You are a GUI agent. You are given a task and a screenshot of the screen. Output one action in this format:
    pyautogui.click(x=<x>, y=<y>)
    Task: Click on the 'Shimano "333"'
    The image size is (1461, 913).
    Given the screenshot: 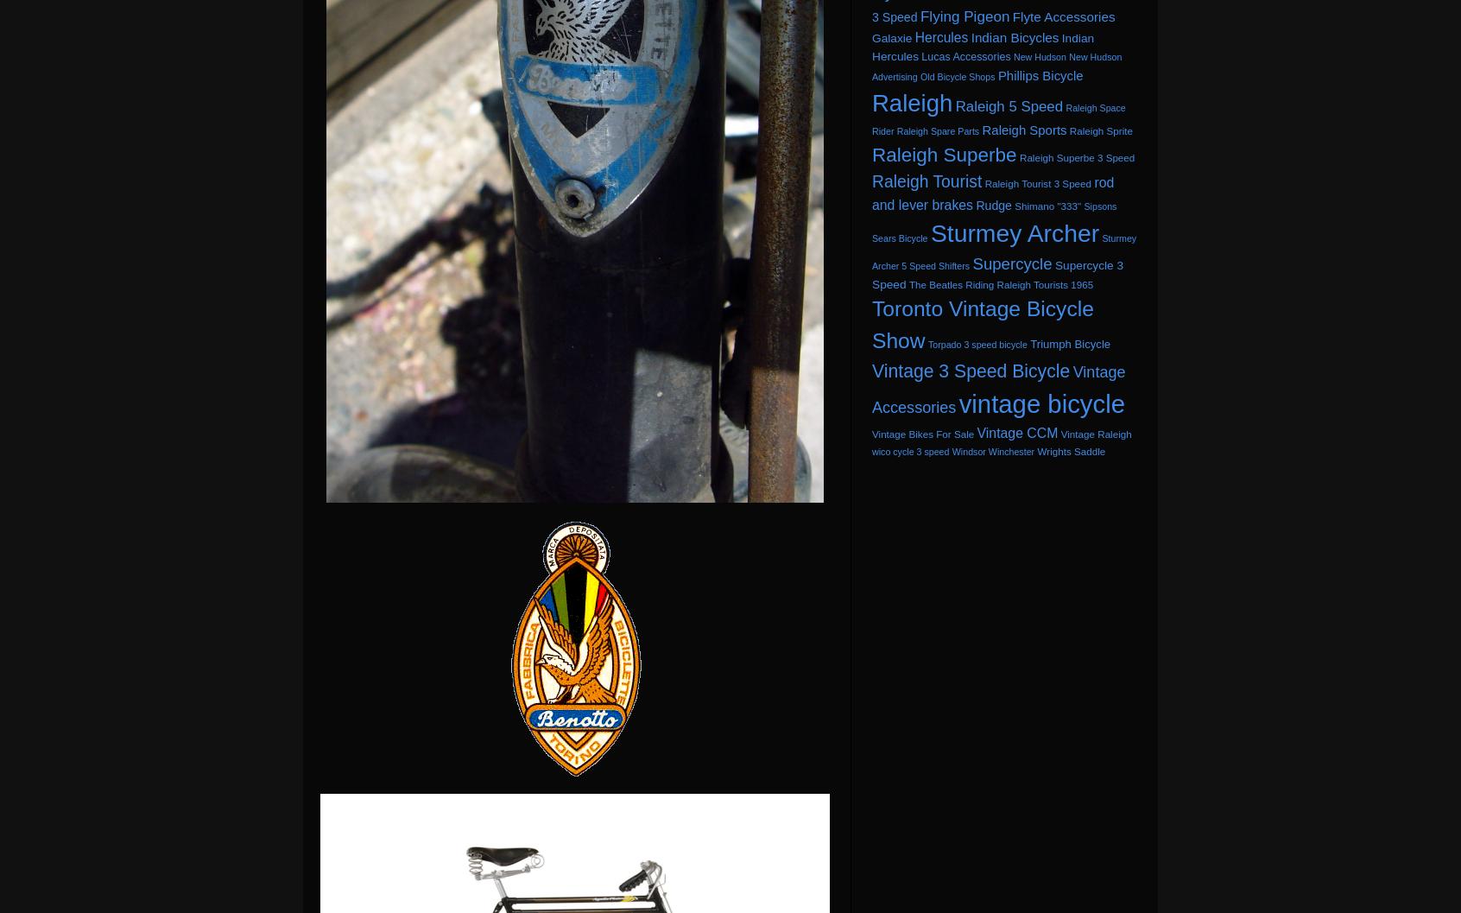 What is the action you would take?
    pyautogui.click(x=1047, y=204)
    